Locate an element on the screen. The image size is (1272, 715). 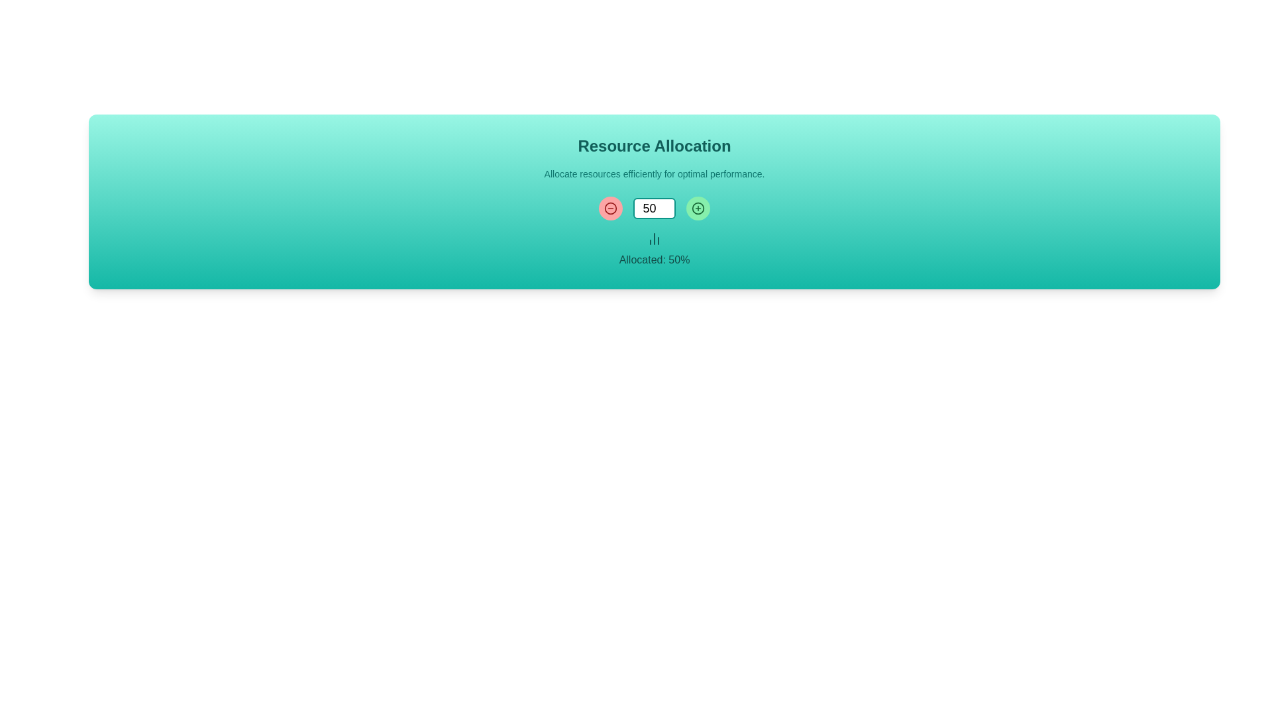
the decrement button located at the leftmost position among a horizontal layout containing a numeric input field to its right, to decrease the value in the adjacent numeric input field is located at coordinates (609, 209).